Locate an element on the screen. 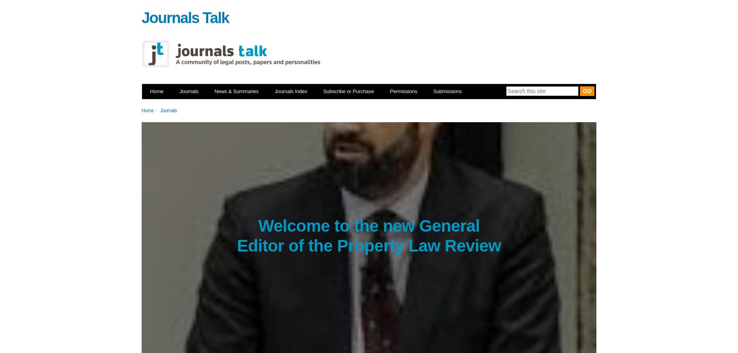 This screenshot has height=353, width=738. 'Subscribe or Purchase' is located at coordinates (323, 91).